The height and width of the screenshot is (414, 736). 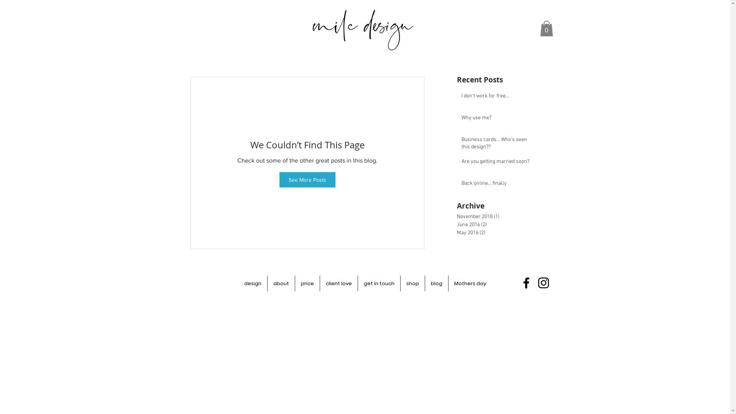 What do you see at coordinates (307, 180) in the screenshot?
I see `'See More Posts'` at bounding box center [307, 180].